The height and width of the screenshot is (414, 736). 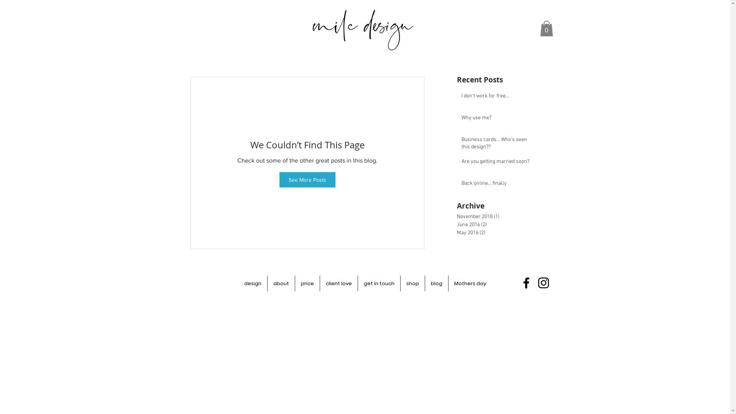 What do you see at coordinates (307, 180) in the screenshot?
I see `'See More Posts'` at bounding box center [307, 180].